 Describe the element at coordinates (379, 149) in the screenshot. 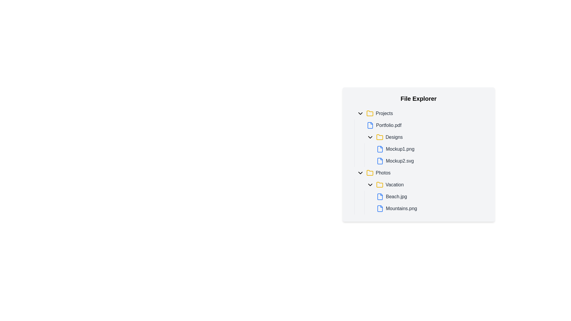

I see `the file icon representing 'Mockup1.png', which is the leftmost element in its row` at that location.